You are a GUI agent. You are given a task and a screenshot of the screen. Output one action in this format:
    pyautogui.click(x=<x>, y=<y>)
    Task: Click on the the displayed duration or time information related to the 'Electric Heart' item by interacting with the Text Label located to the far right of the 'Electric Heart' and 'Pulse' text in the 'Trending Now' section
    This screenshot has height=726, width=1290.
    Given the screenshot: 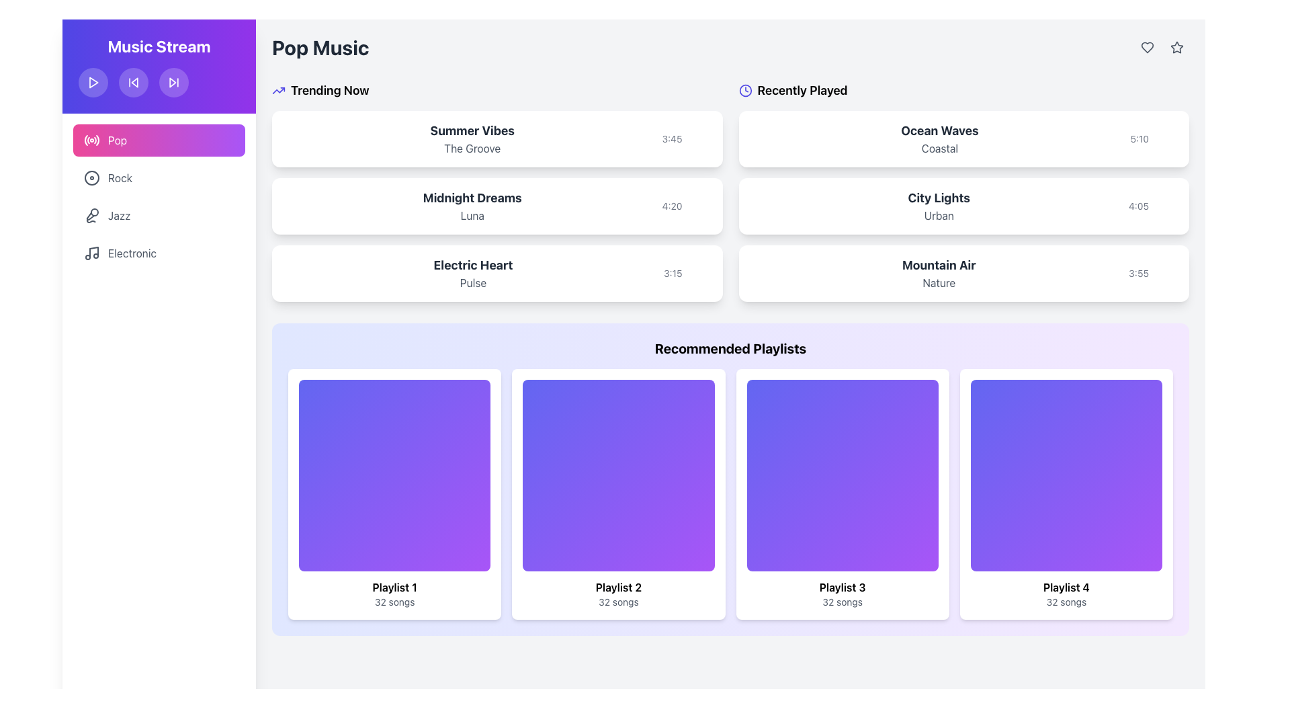 What is the action you would take?
    pyautogui.click(x=687, y=273)
    